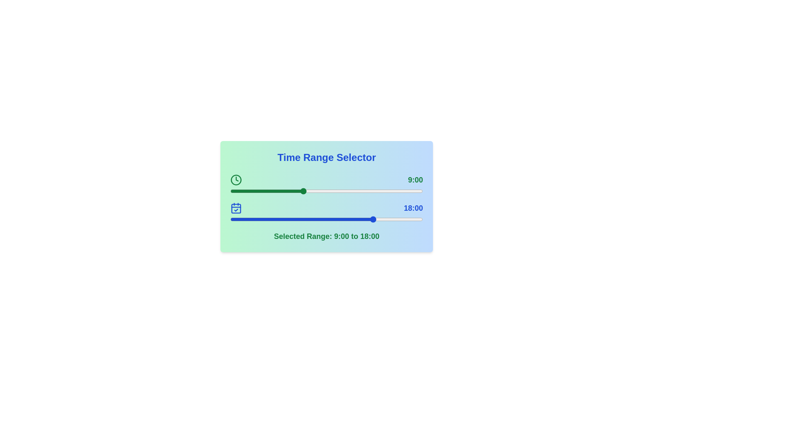 The height and width of the screenshot is (448, 797). I want to click on time range, so click(415, 219).